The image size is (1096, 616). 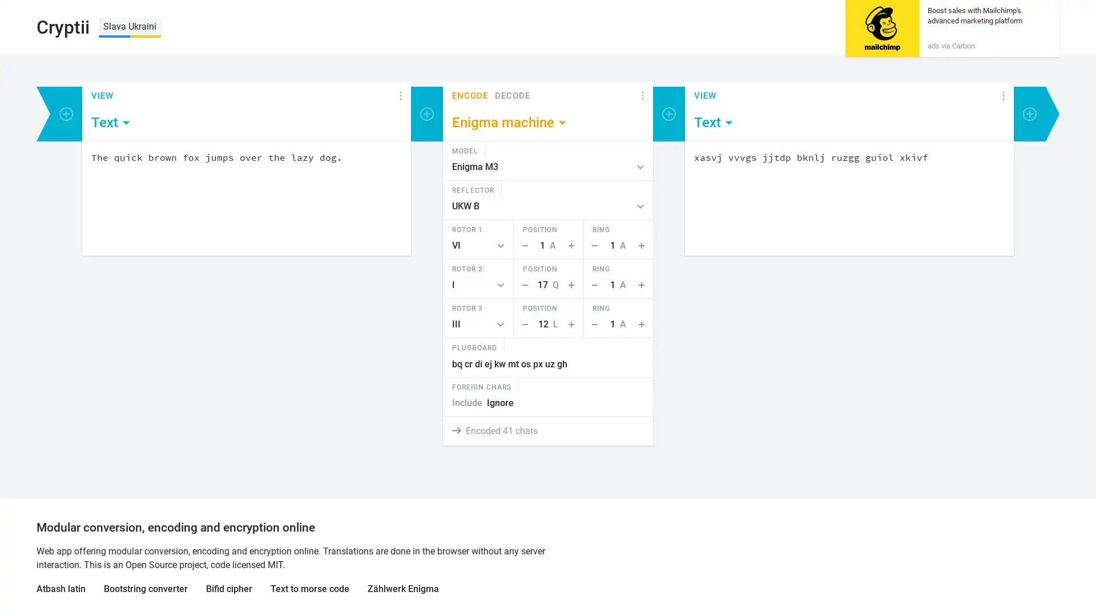 What do you see at coordinates (714, 123) in the screenshot?
I see `Text` at bounding box center [714, 123].